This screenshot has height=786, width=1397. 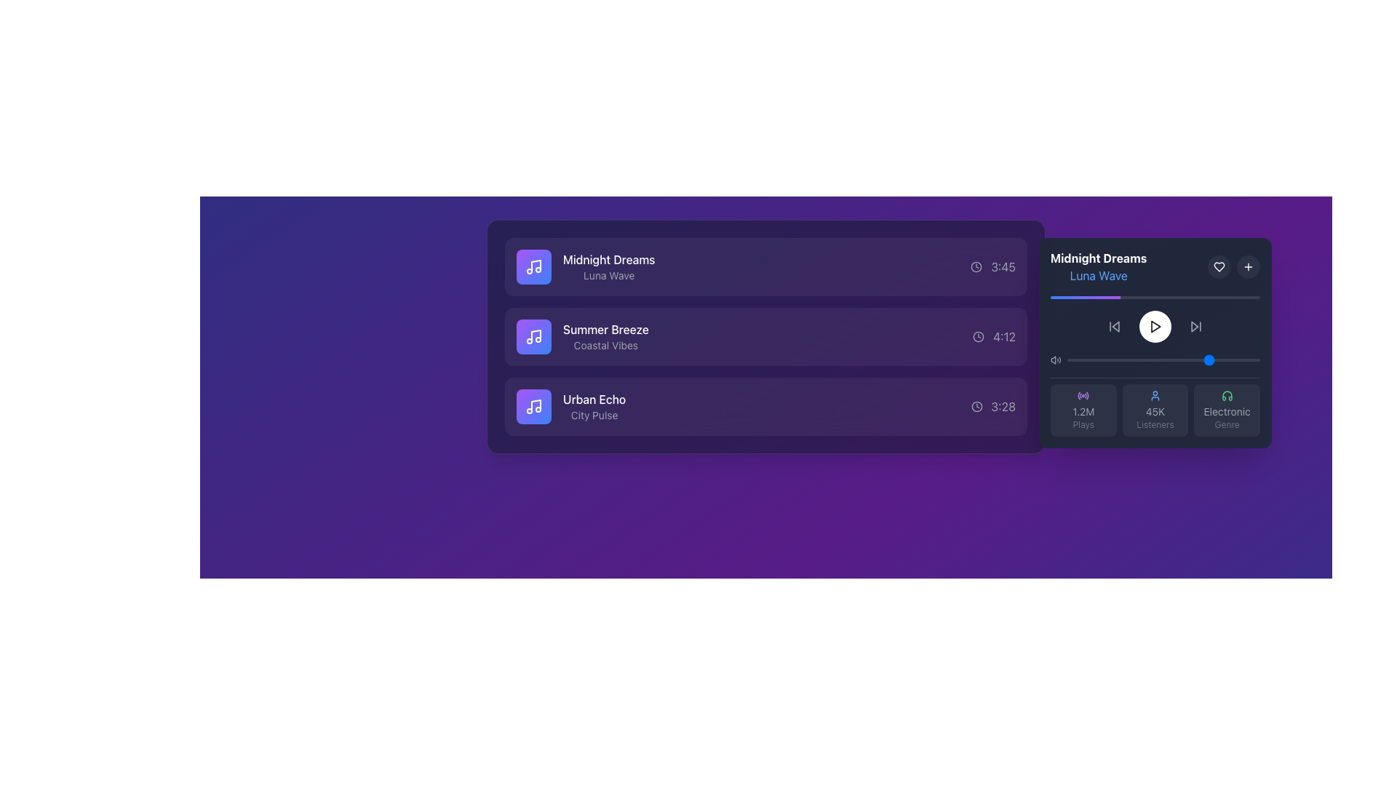 What do you see at coordinates (609, 266) in the screenshot?
I see `the text label pair displaying the title 'Midnight Dreams' and subtitle 'Luna Wave' for the first song in the left panel` at bounding box center [609, 266].